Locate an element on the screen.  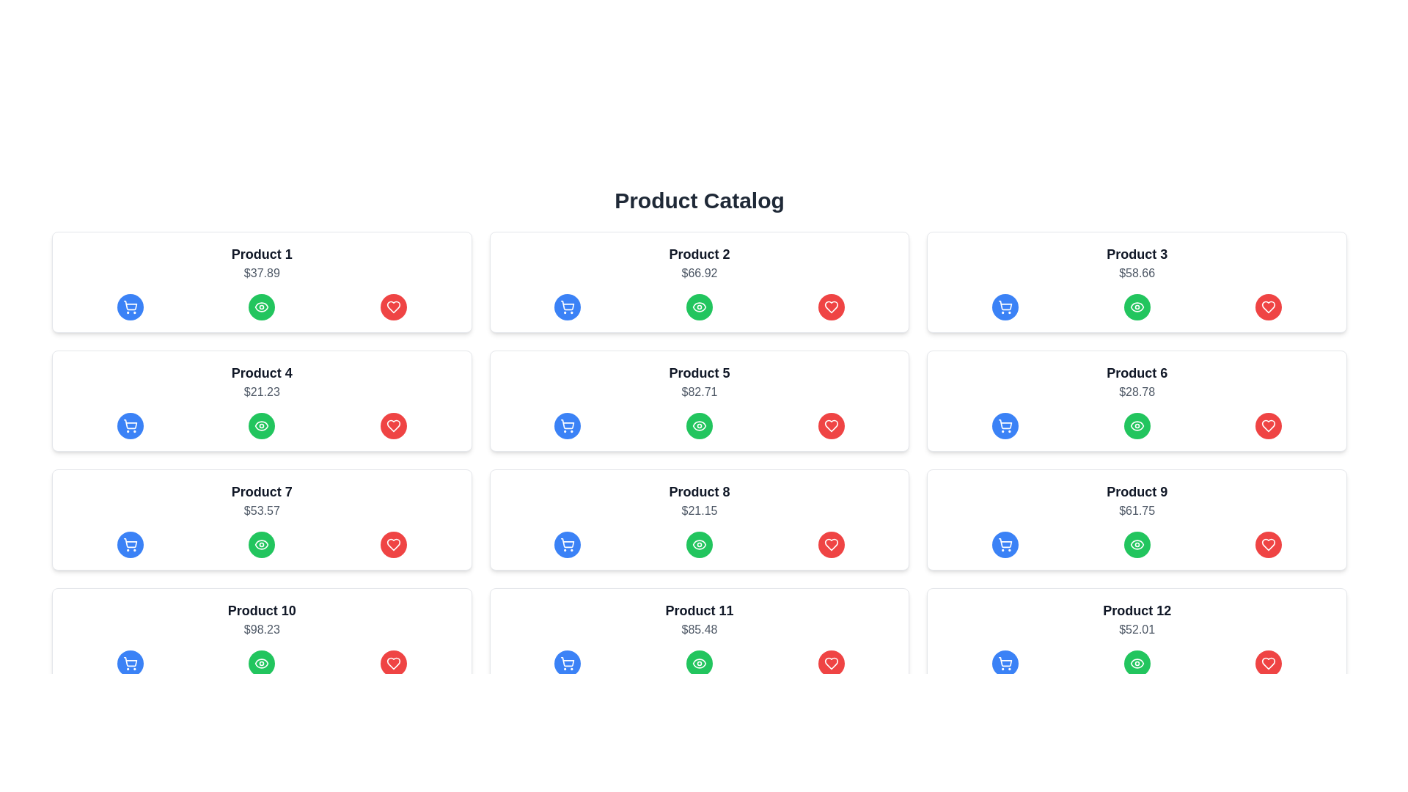
the green circular button with an eye symbol in the center is located at coordinates (1136, 307).